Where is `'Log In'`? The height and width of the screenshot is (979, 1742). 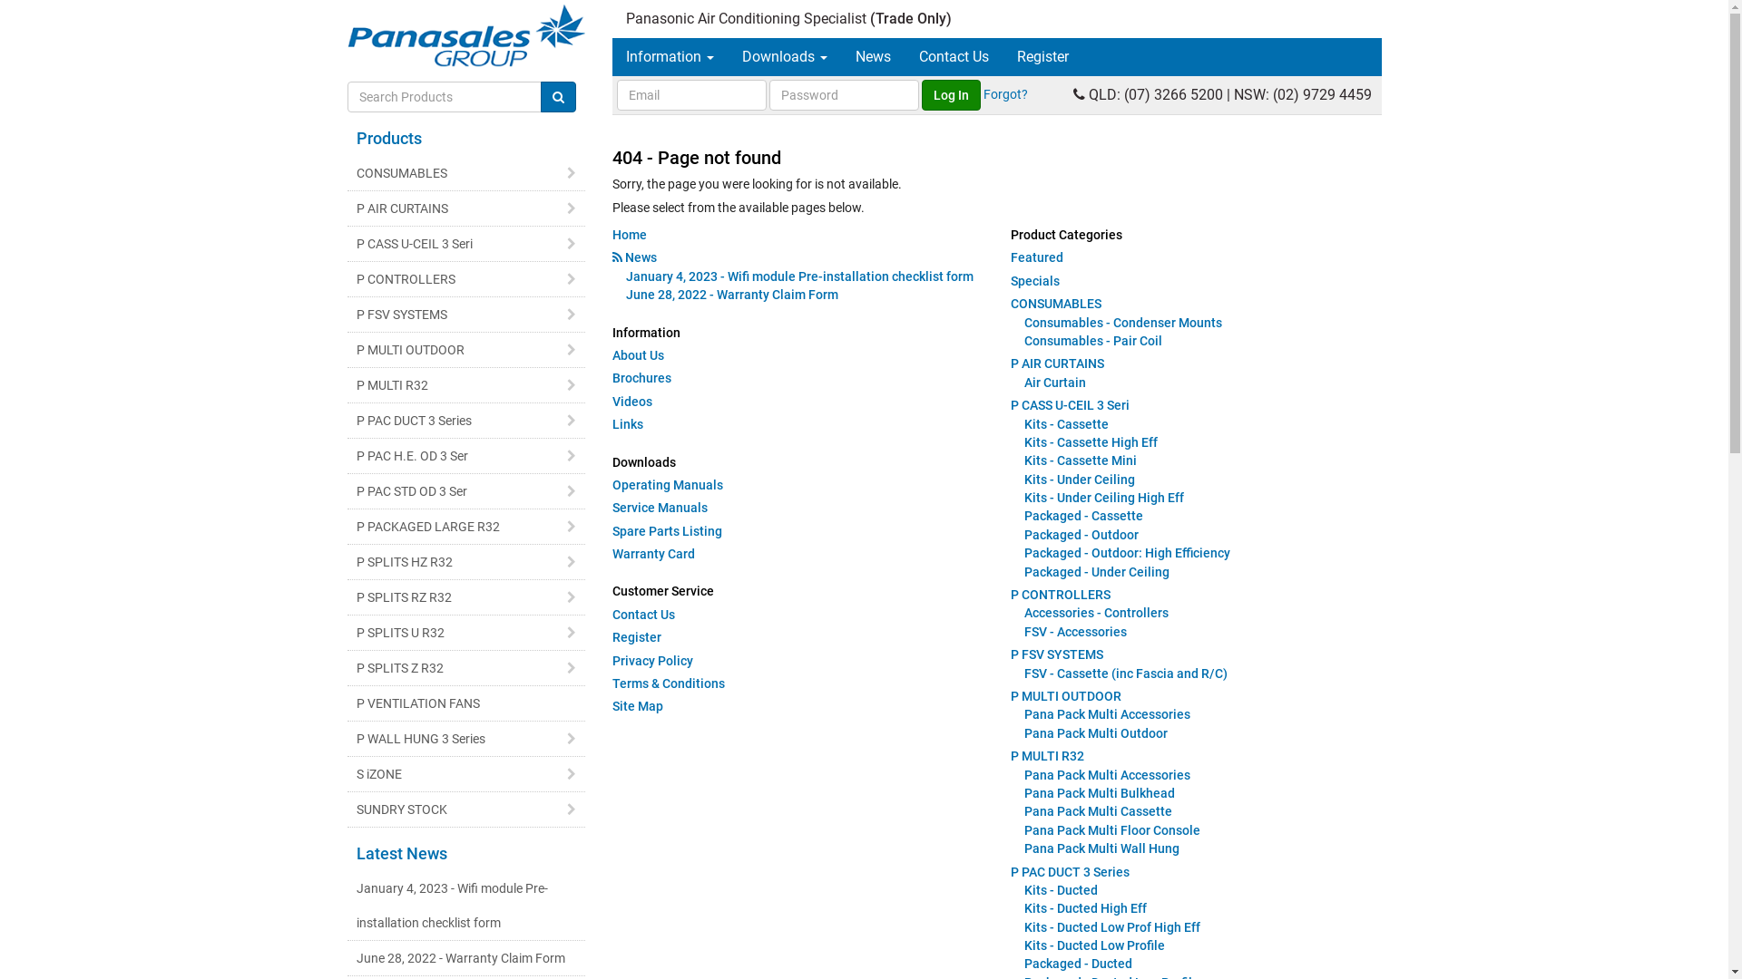 'Log In' is located at coordinates (950, 94).